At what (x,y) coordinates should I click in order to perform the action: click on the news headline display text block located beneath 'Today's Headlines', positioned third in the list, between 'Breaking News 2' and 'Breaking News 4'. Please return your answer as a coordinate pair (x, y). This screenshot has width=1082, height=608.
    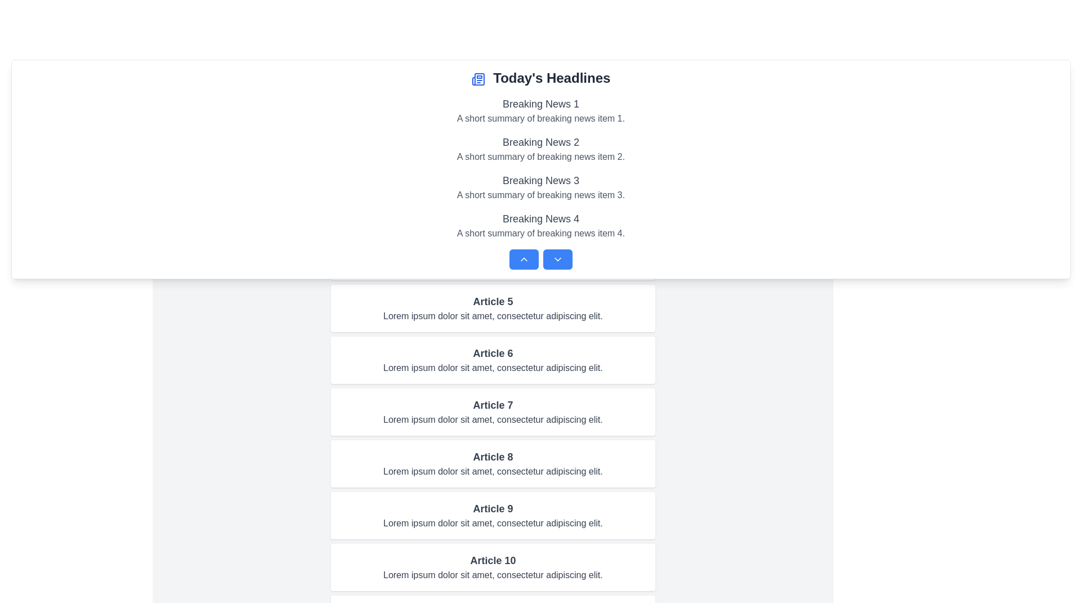
    Looking at the image, I should click on (541, 186).